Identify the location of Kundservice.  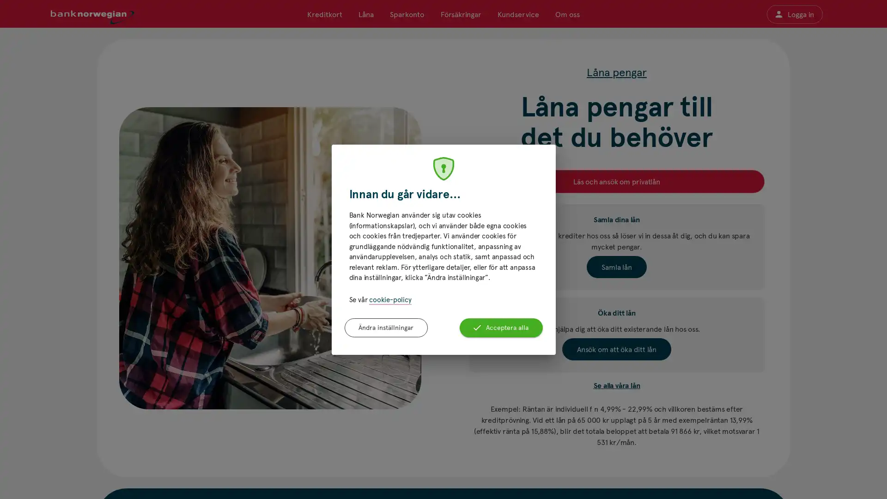
(518, 14).